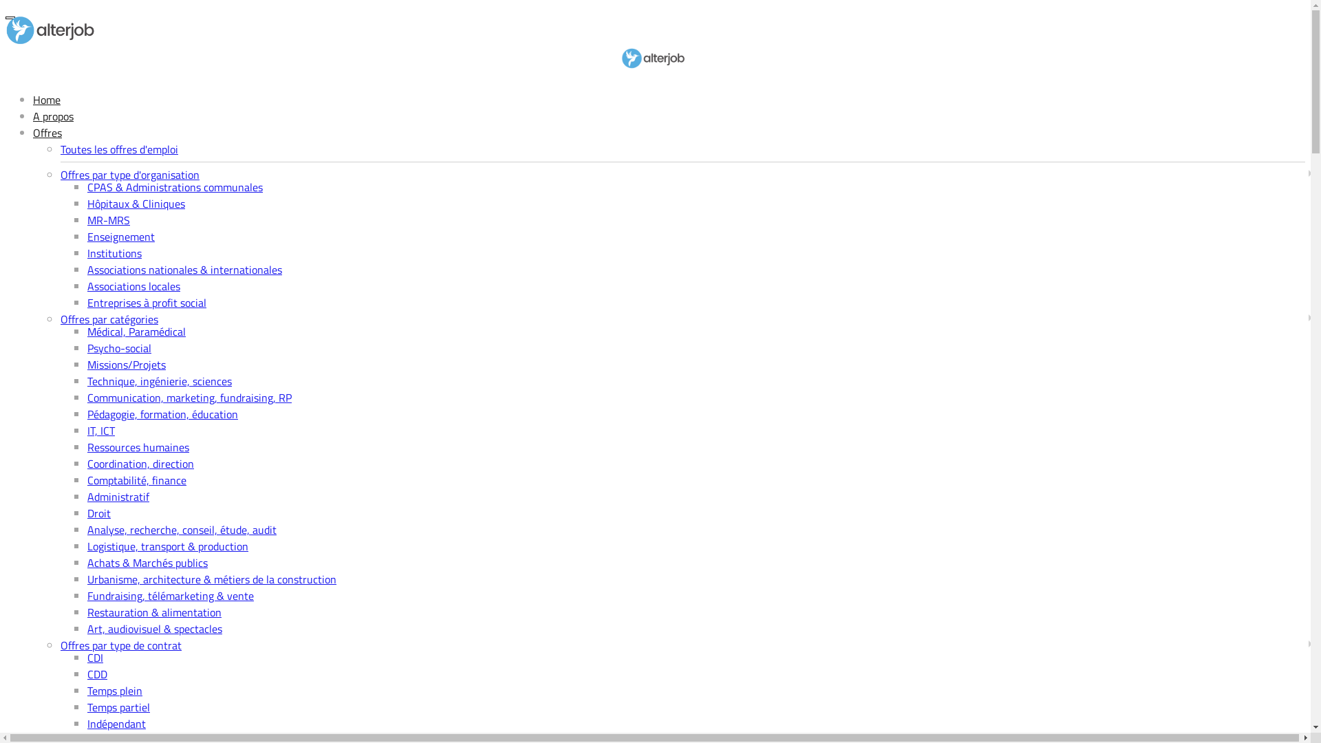 The width and height of the screenshot is (1321, 743). I want to click on 'A propos', so click(53, 116).